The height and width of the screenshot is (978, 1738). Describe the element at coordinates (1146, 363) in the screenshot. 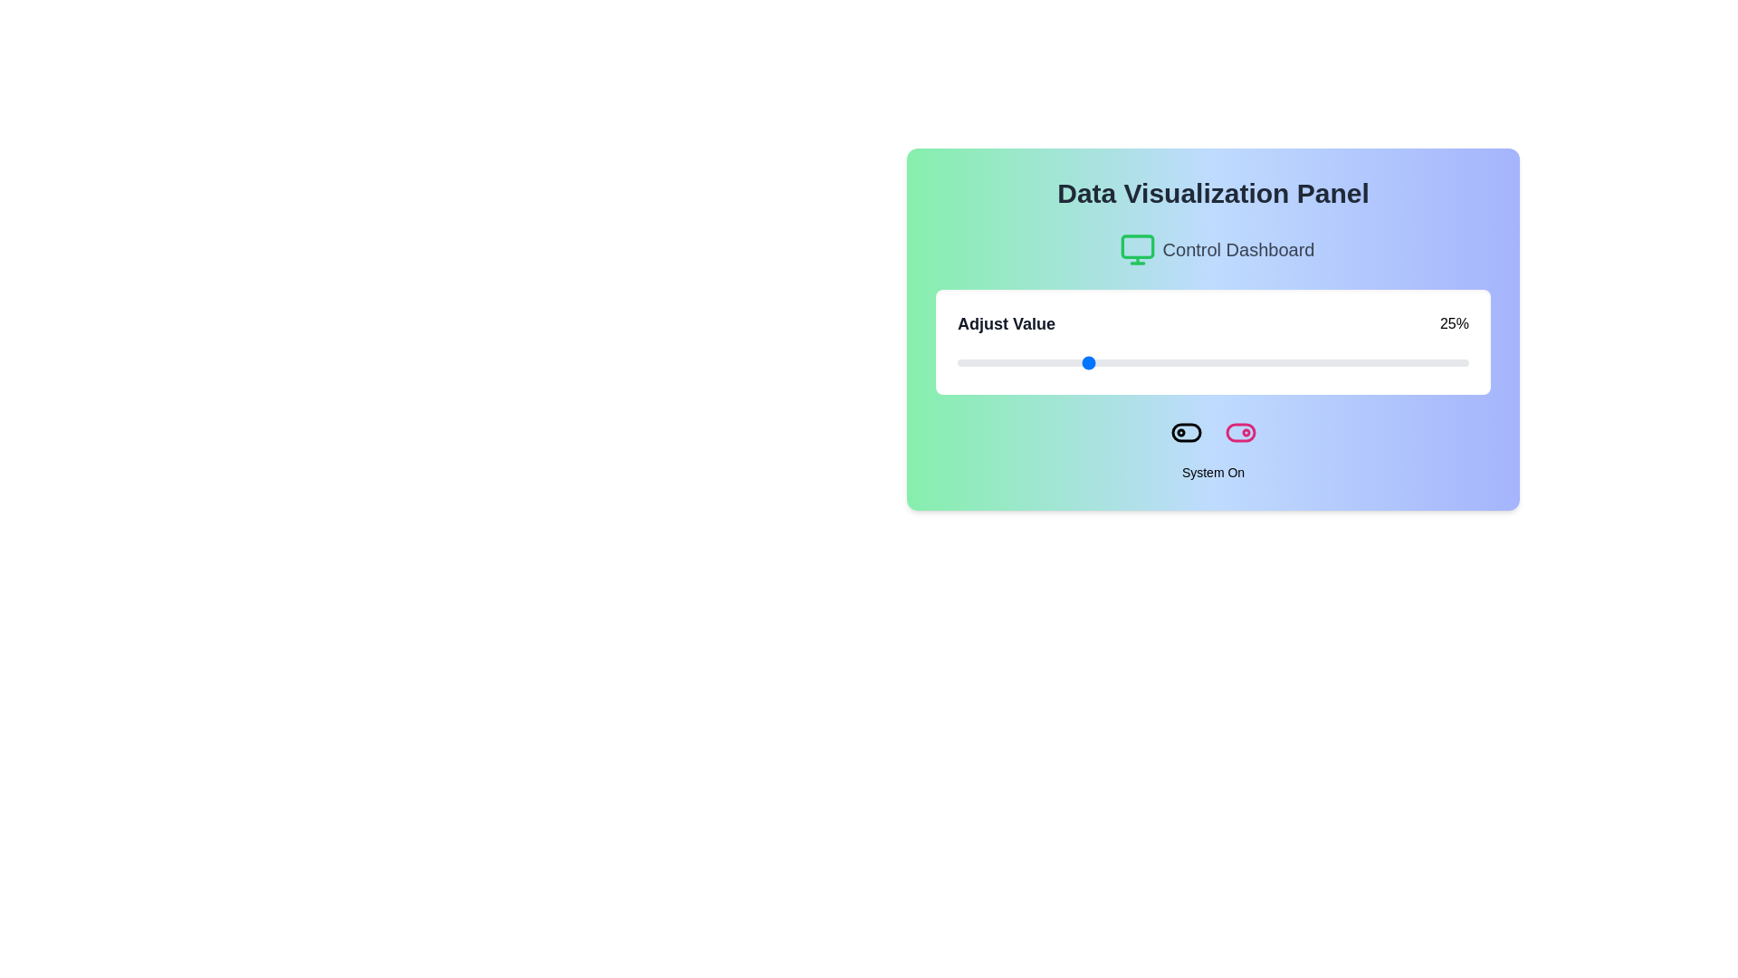

I see `the slider to 37%` at that location.